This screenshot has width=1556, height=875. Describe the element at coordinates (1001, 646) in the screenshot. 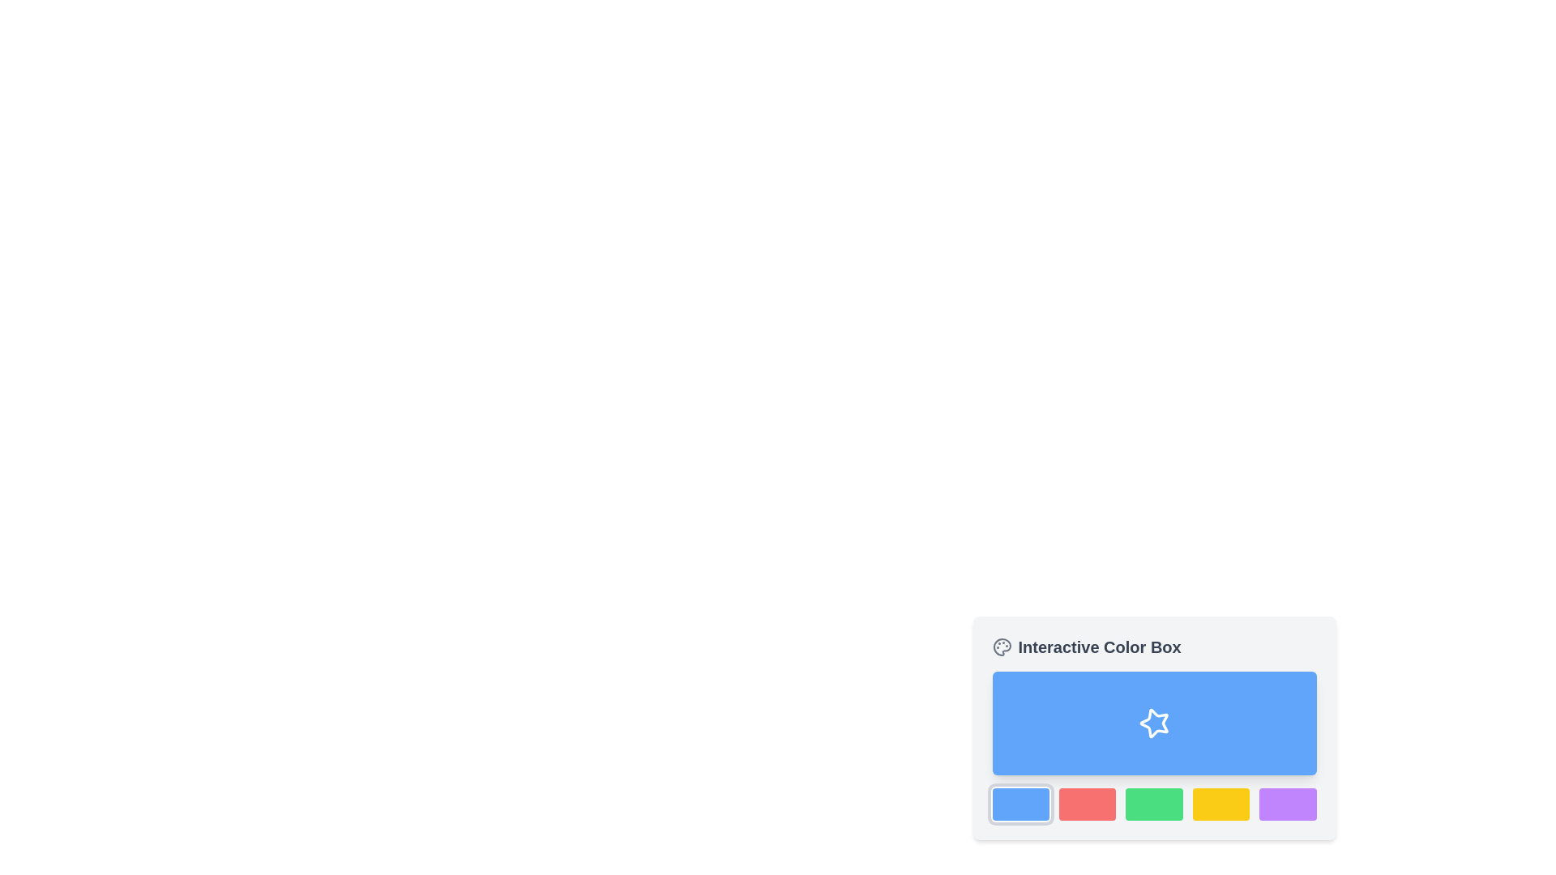

I see `the color-related icon located at the top-left corner of the 'Interactive Color Box' panel, directly preceding the title` at that location.